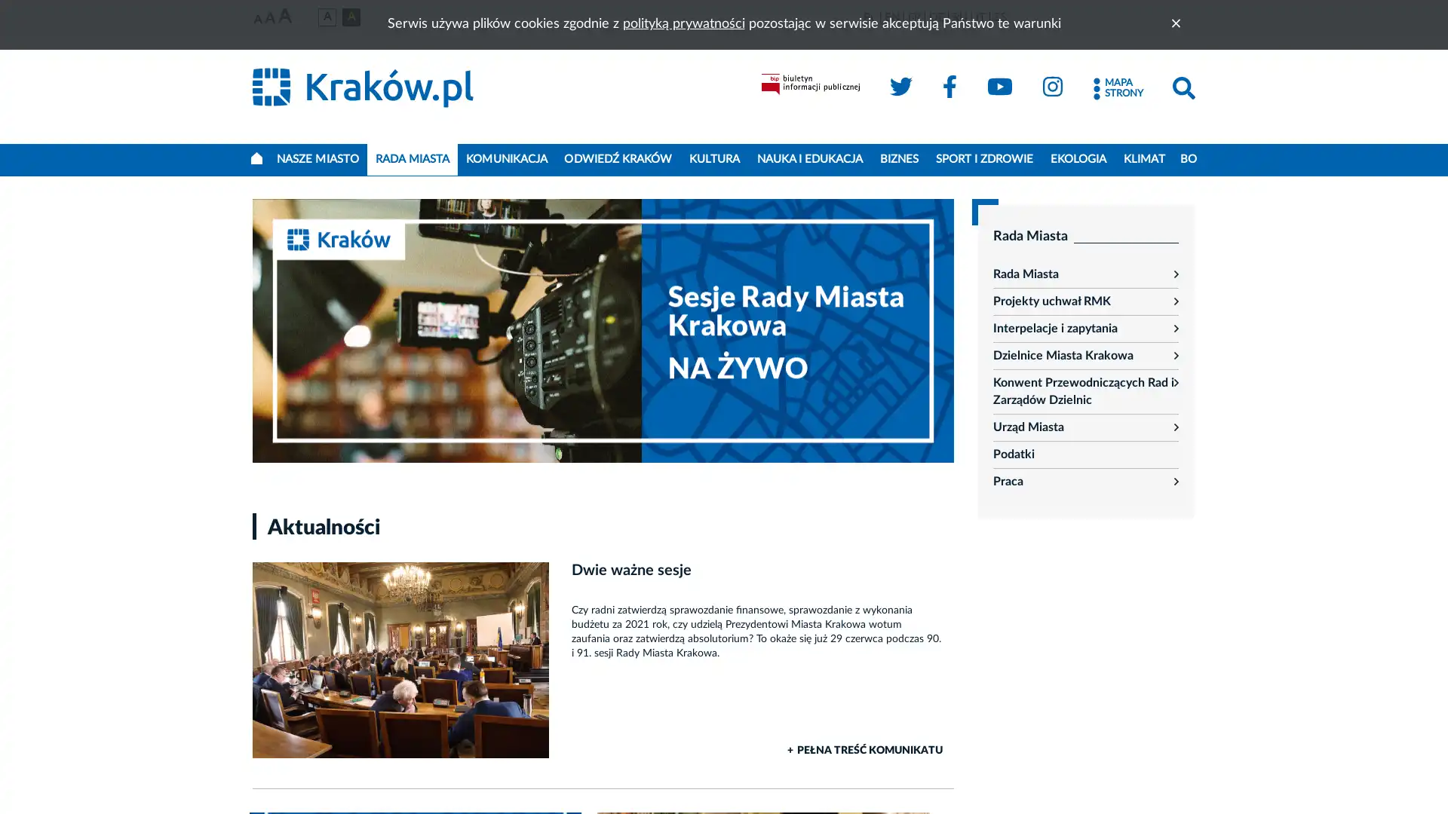 The height and width of the screenshot is (814, 1448). What do you see at coordinates (1183, 88) in the screenshot?
I see `Szukaj` at bounding box center [1183, 88].